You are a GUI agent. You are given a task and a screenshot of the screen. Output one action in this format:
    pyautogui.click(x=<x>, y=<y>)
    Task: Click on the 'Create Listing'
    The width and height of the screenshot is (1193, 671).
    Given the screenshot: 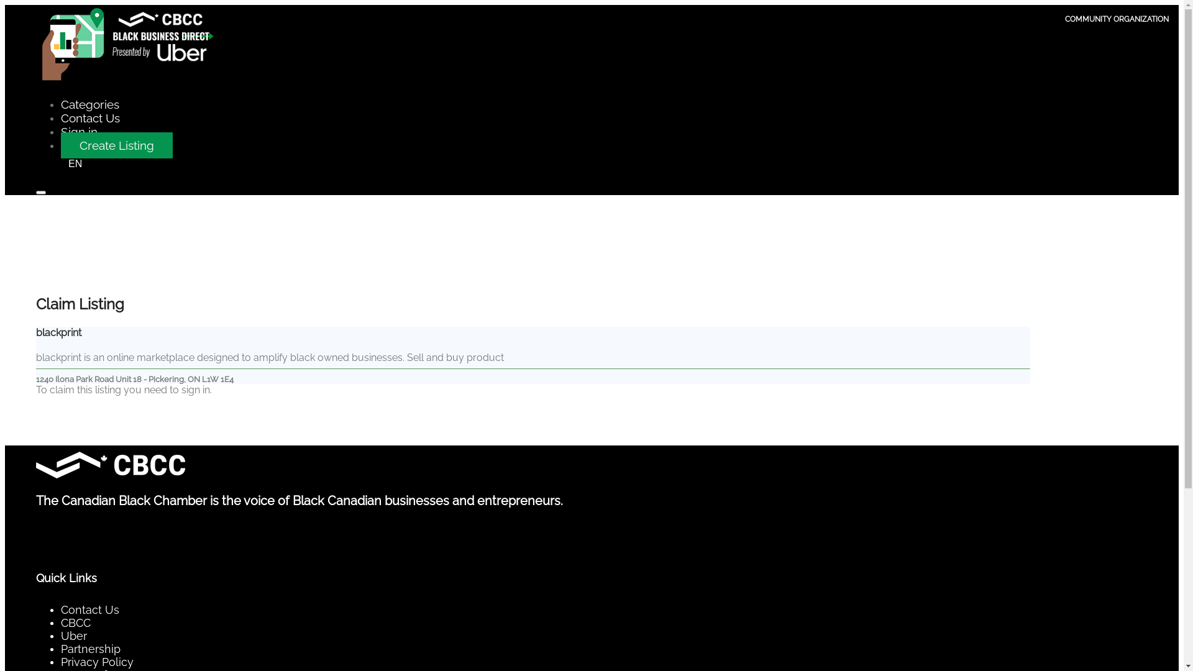 What is the action you would take?
    pyautogui.click(x=116, y=145)
    